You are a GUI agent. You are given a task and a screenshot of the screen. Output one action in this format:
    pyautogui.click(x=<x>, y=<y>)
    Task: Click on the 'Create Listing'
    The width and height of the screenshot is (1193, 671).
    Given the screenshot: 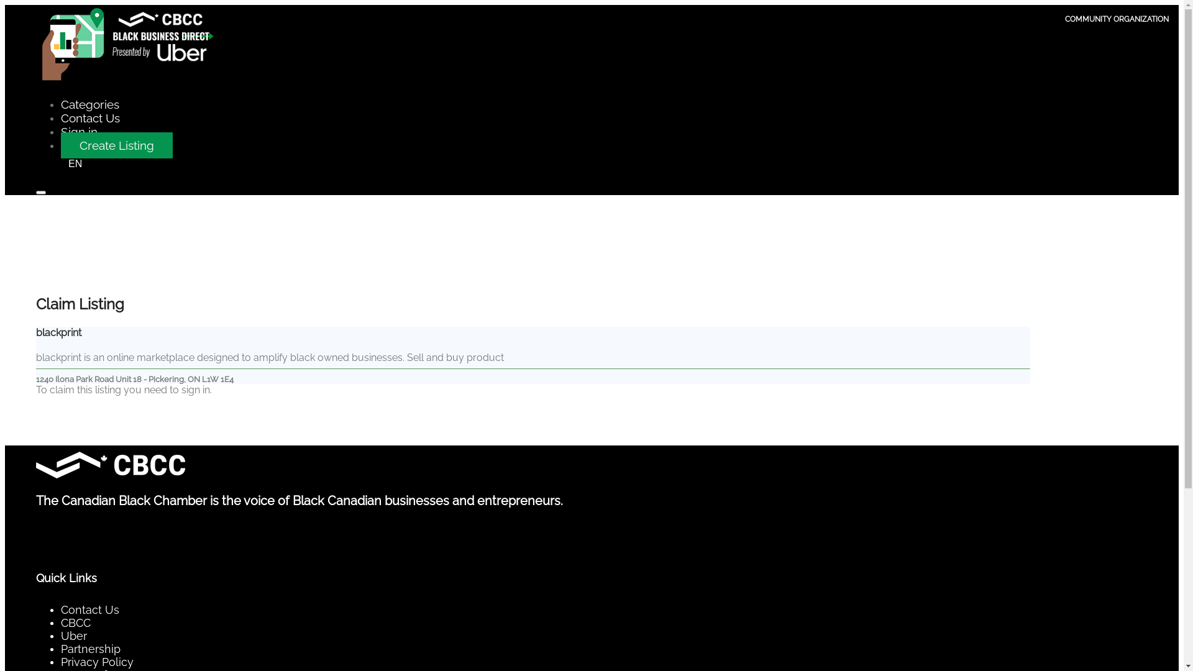 What is the action you would take?
    pyautogui.click(x=116, y=145)
    